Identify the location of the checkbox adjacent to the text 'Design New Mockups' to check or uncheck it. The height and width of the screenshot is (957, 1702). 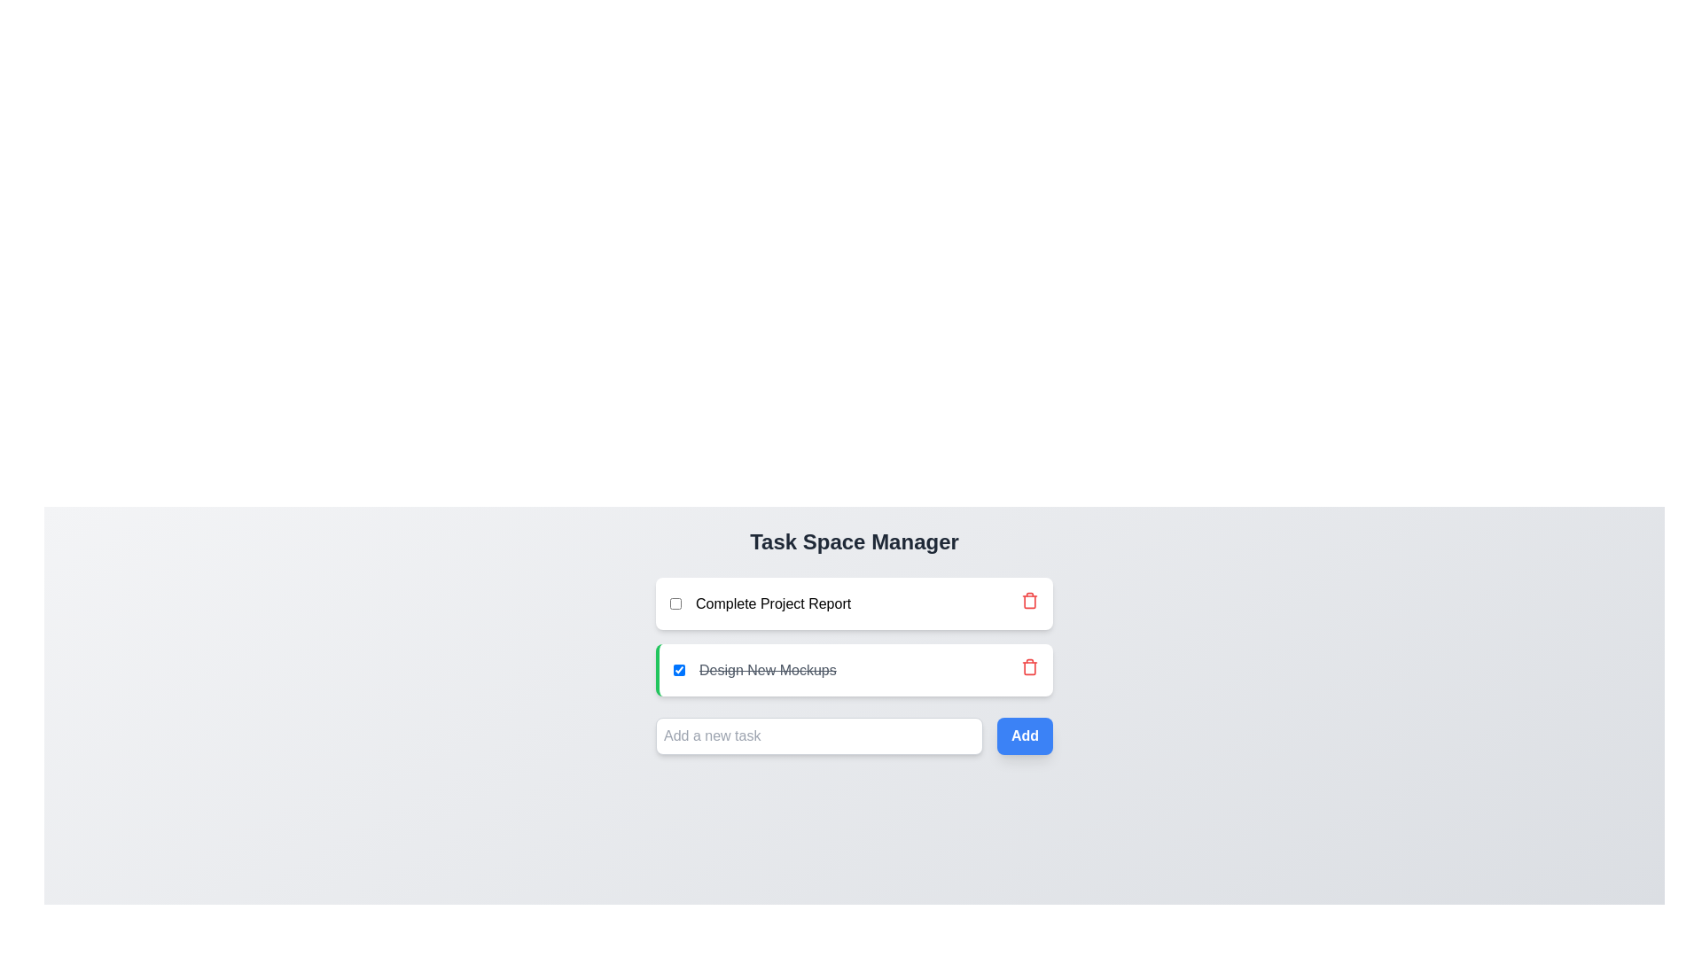
(678, 670).